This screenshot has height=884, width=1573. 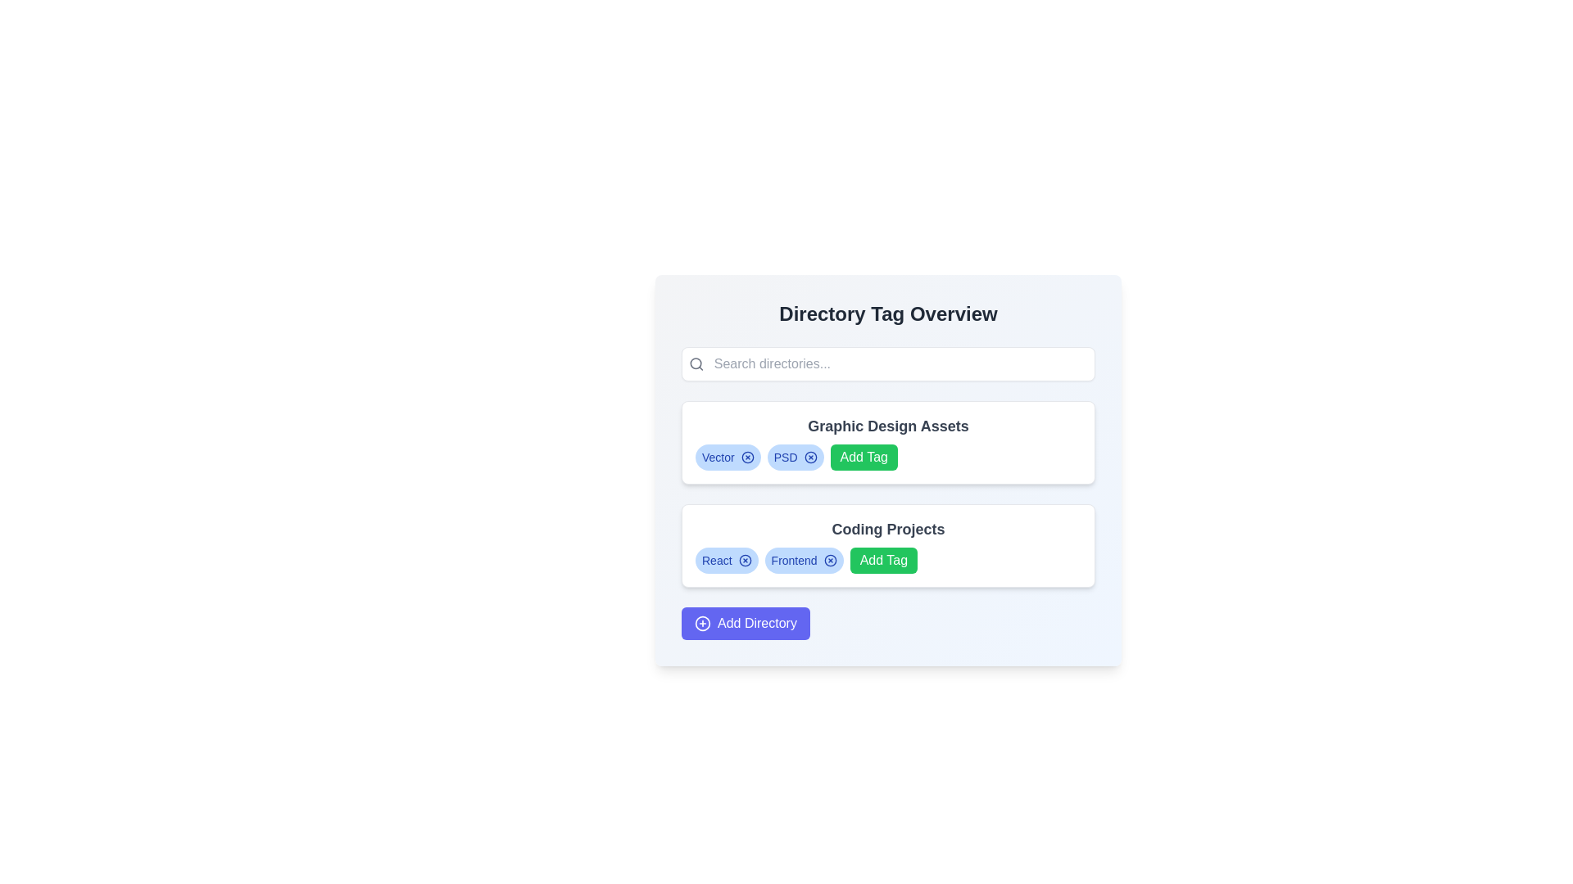 I want to click on text of the heading displaying 'Directory Tag Overview', which is a prominent bold text in dark gray color at the top of its card component, so click(x=887, y=314).